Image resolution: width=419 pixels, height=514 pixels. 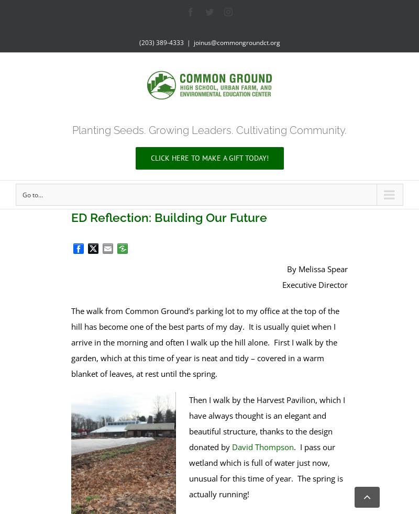 I want to click on 'CLICK HERE TO MAKE A GIFT TODAY!', so click(x=208, y=158).